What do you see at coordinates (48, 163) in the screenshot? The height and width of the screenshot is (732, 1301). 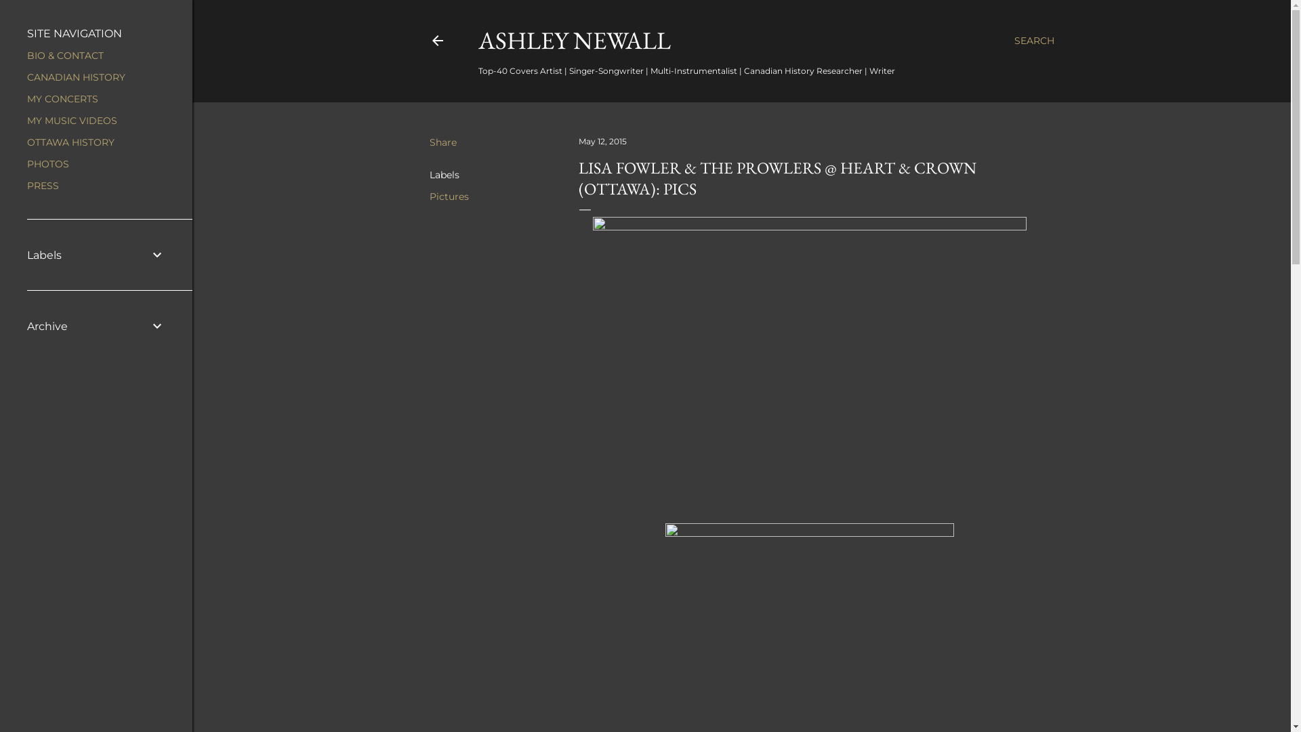 I see `'PHOTOS'` at bounding box center [48, 163].